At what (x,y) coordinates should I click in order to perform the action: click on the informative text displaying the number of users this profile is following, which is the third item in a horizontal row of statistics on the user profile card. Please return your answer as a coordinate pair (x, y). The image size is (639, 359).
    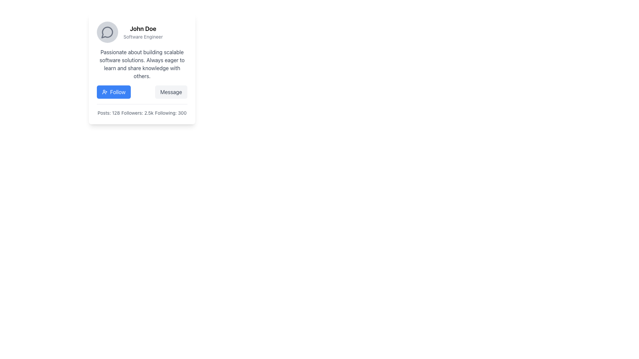
    Looking at the image, I should click on (171, 112).